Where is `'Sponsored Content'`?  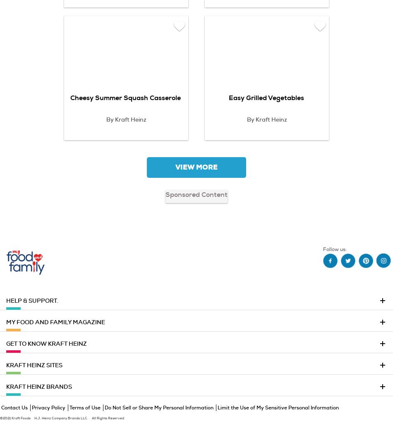 'Sponsored Content' is located at coordinates (196, 194).